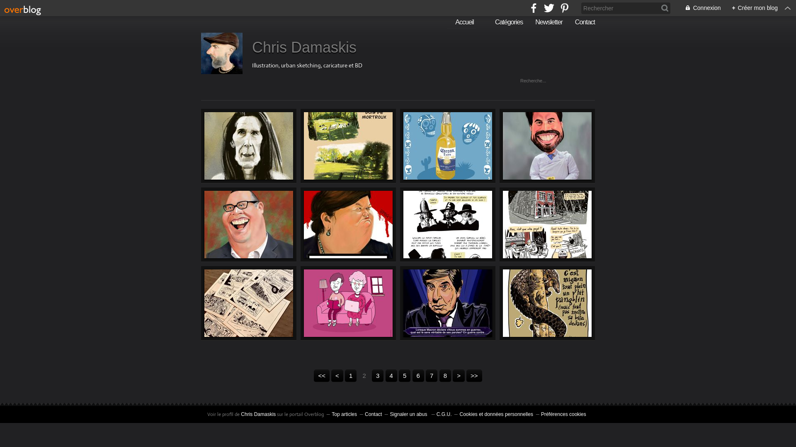 This screenshot has height=447, width=796. What do you see at coordinates (391, 375) in the screenshot?
I see `'4'` at bounding box center [391, 375].